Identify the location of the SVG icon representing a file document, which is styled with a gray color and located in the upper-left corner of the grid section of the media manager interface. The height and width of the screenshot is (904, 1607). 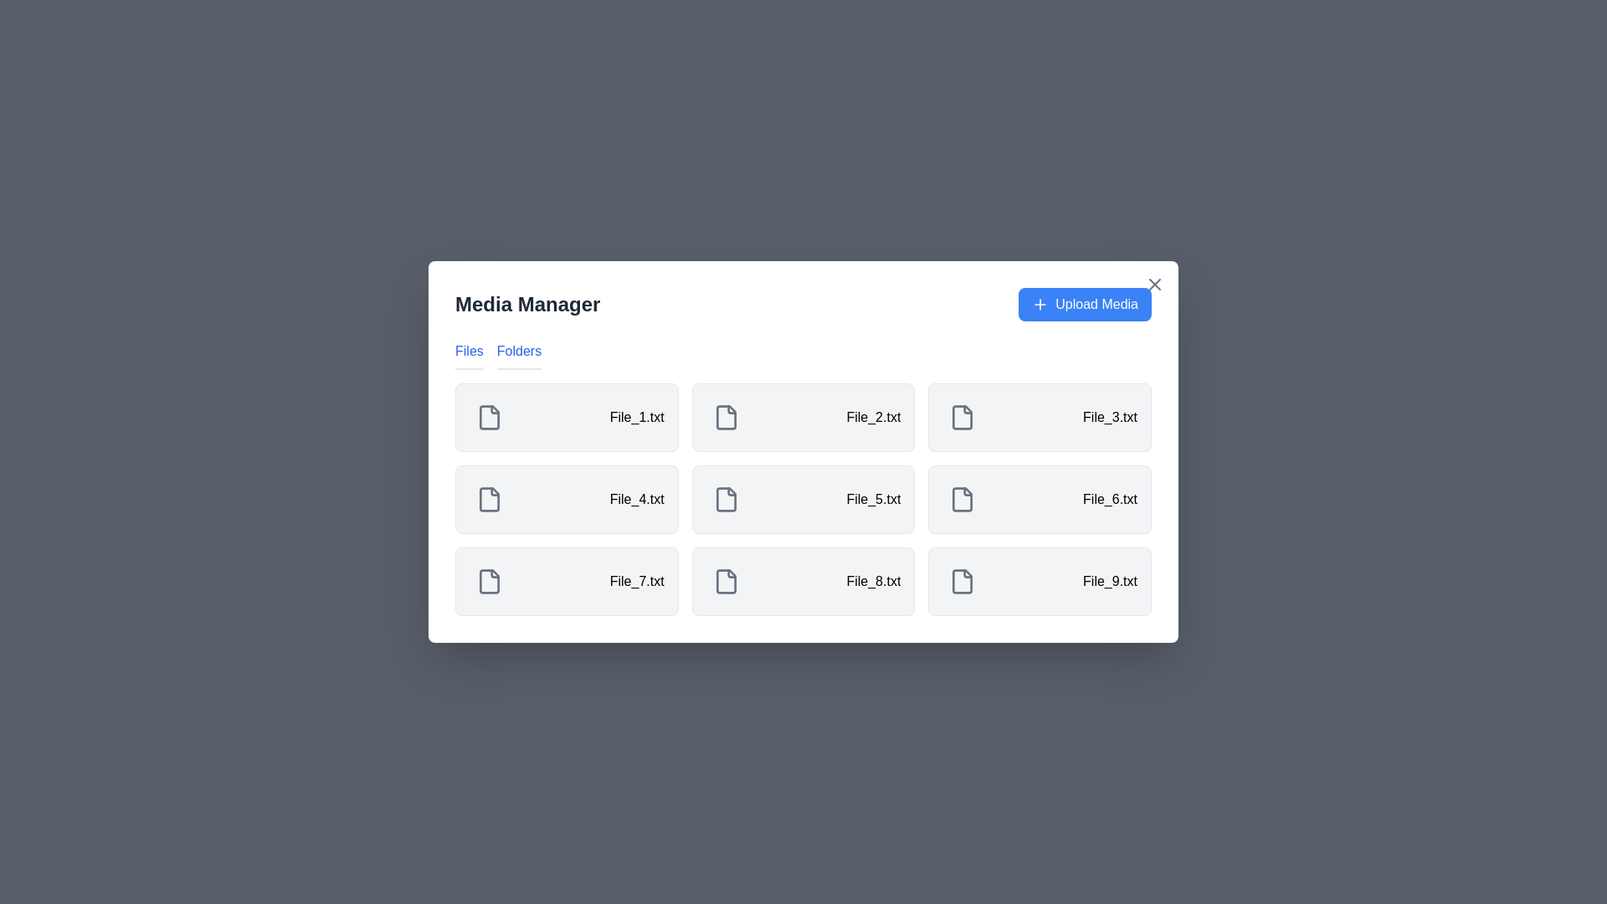
(489, 416).